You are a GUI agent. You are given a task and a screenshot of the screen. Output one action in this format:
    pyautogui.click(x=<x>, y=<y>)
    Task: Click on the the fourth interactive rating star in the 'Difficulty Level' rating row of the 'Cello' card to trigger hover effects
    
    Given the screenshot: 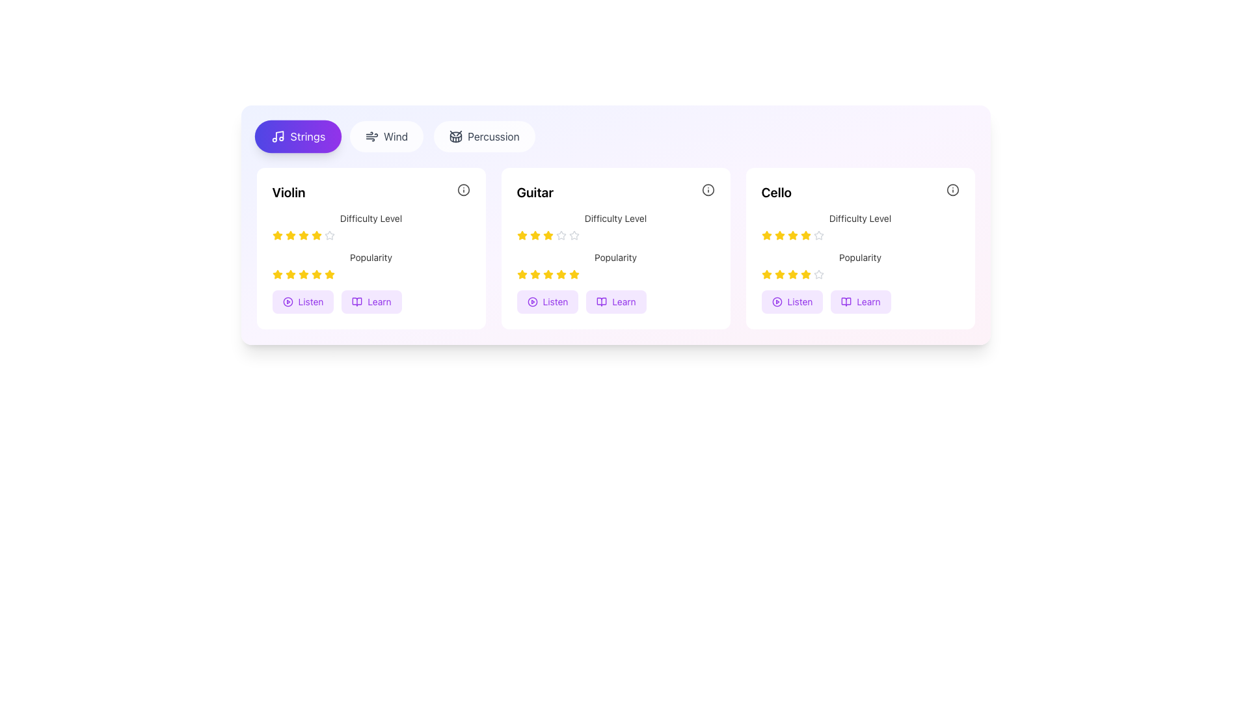 What is the action you would take?
    pyautogui.click(x=805, y=235)
    